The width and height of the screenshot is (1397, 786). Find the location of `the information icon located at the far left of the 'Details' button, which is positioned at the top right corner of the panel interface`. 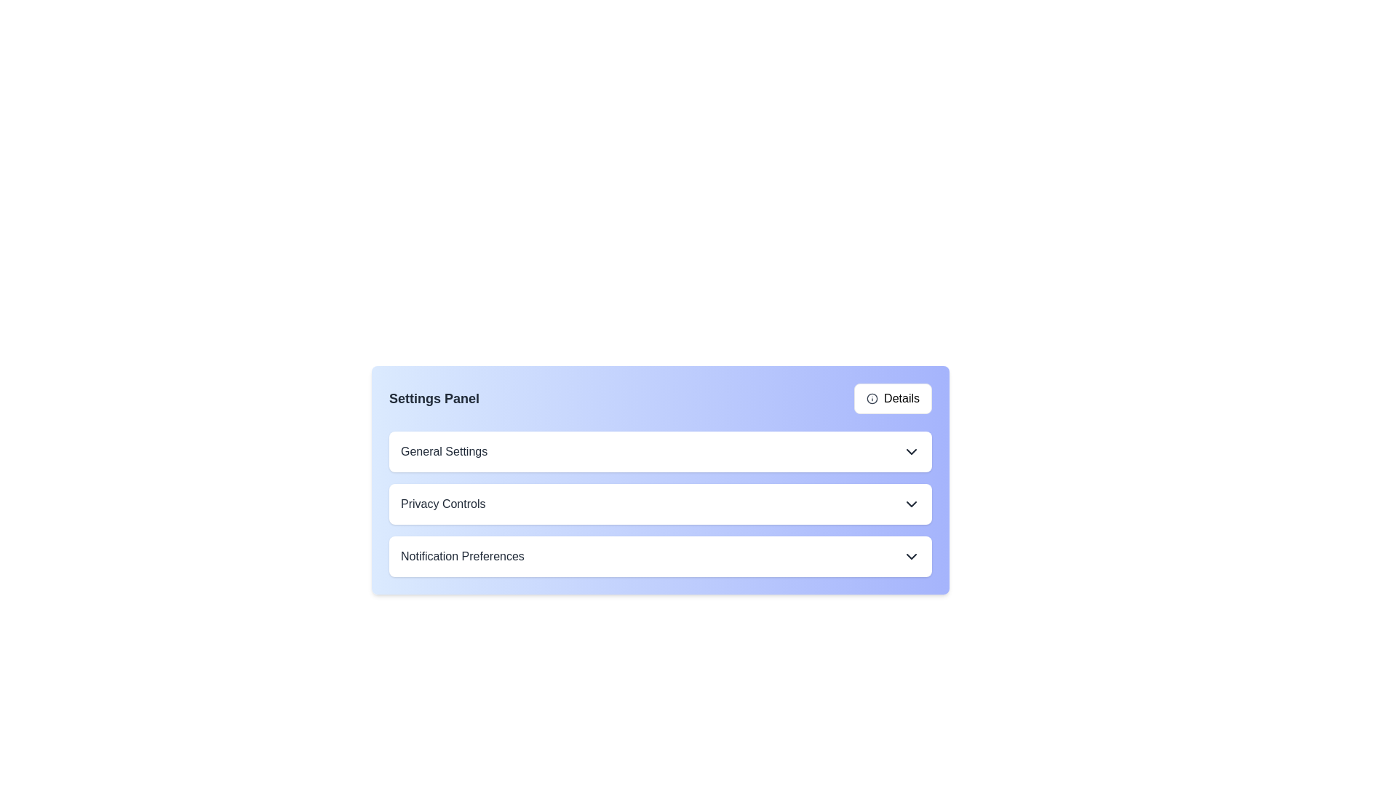

the information icon located at the far left of the 'Details' button, which is positioned at the top right corner of the panel interface is located at coordinates (872, 398).